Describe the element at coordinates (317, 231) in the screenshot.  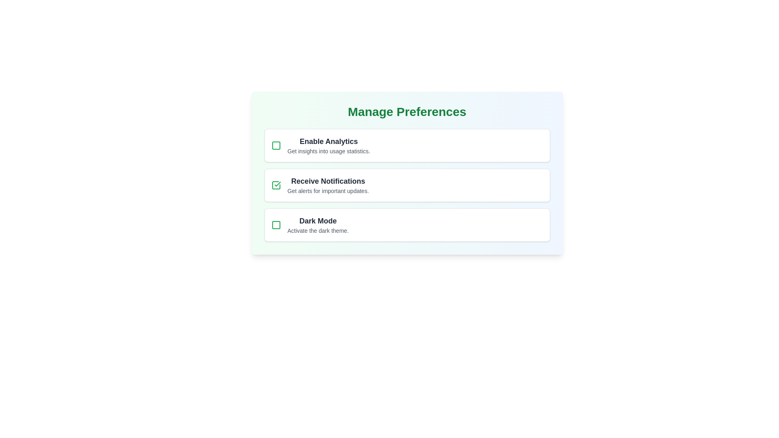
I see `the informative text label located beneath the 'Dark Mode' heading in the preferences panel, which provides context about the dark theme option` at that location.